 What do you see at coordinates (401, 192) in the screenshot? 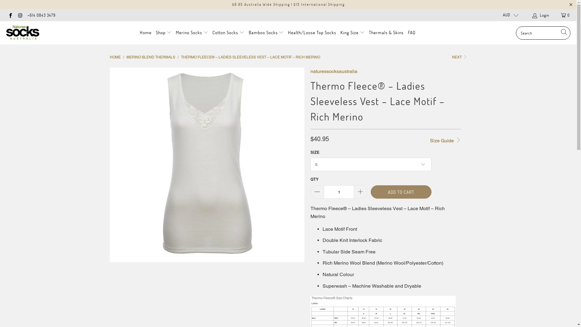
I see `'ADD TO CART'` at bounding box center [401, 192].